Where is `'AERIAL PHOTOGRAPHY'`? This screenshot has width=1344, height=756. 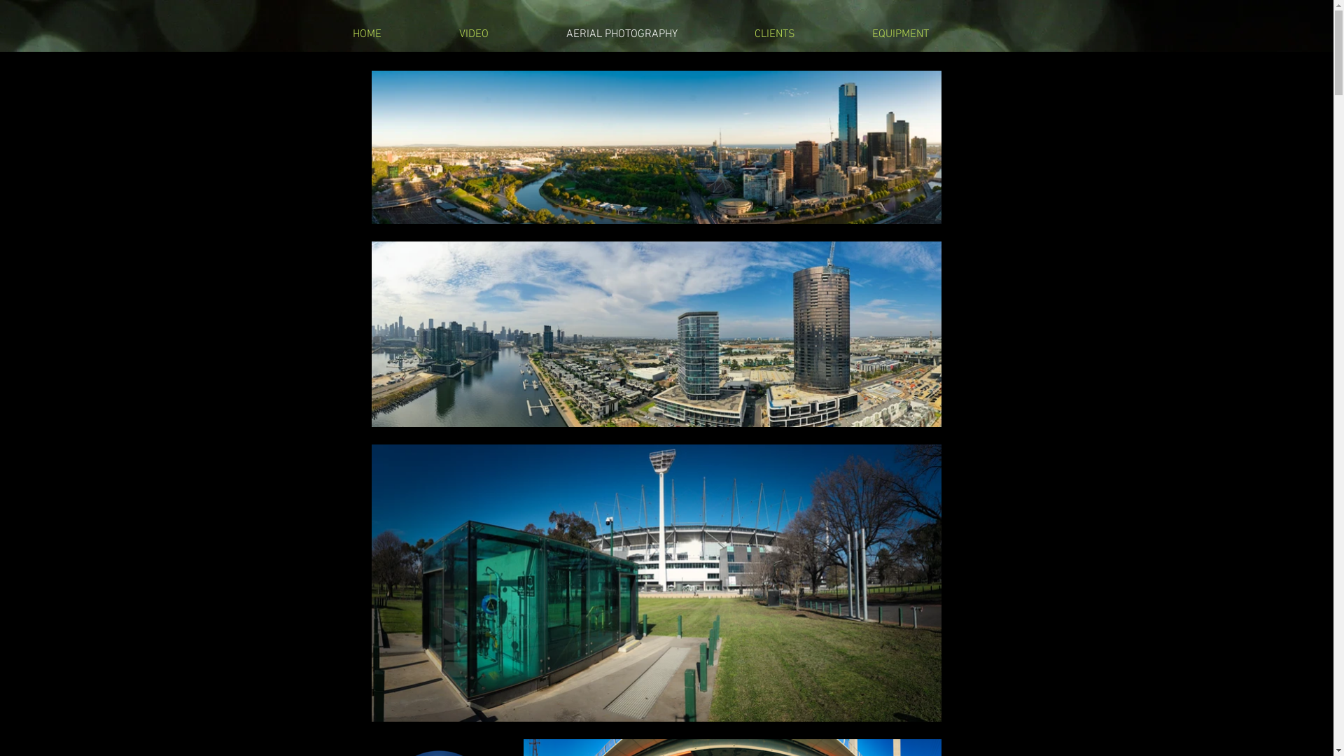 'AERIAL PHOTOGRAPHY' is located at coordinates (649, 34).